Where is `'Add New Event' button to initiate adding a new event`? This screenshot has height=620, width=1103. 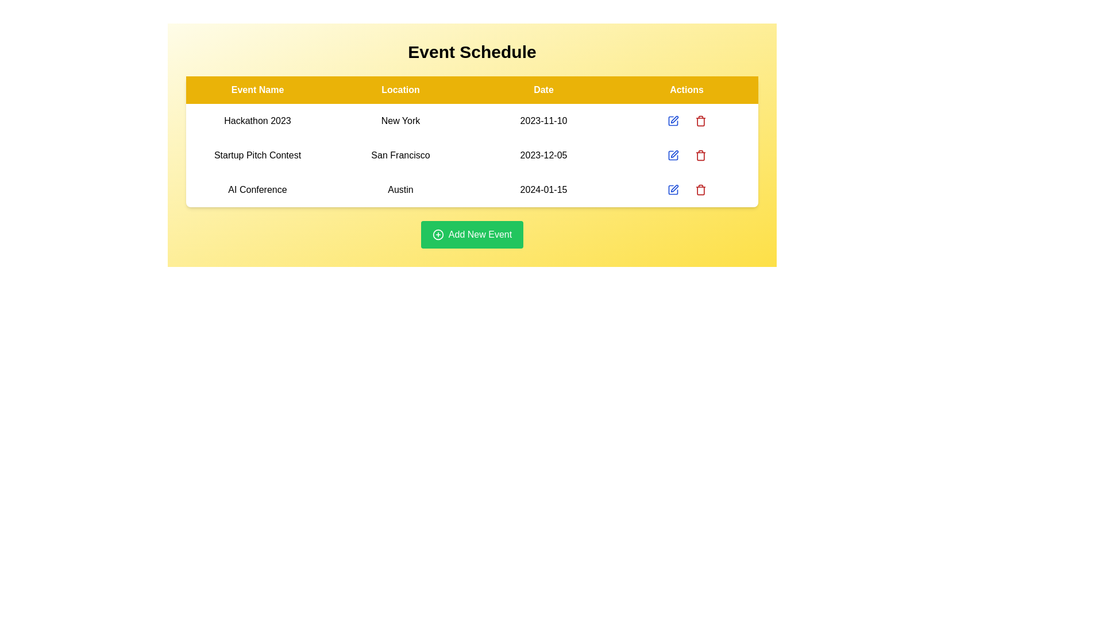
'Add New Event' button to initiate adding a new event is located at coordinates (472, 234).